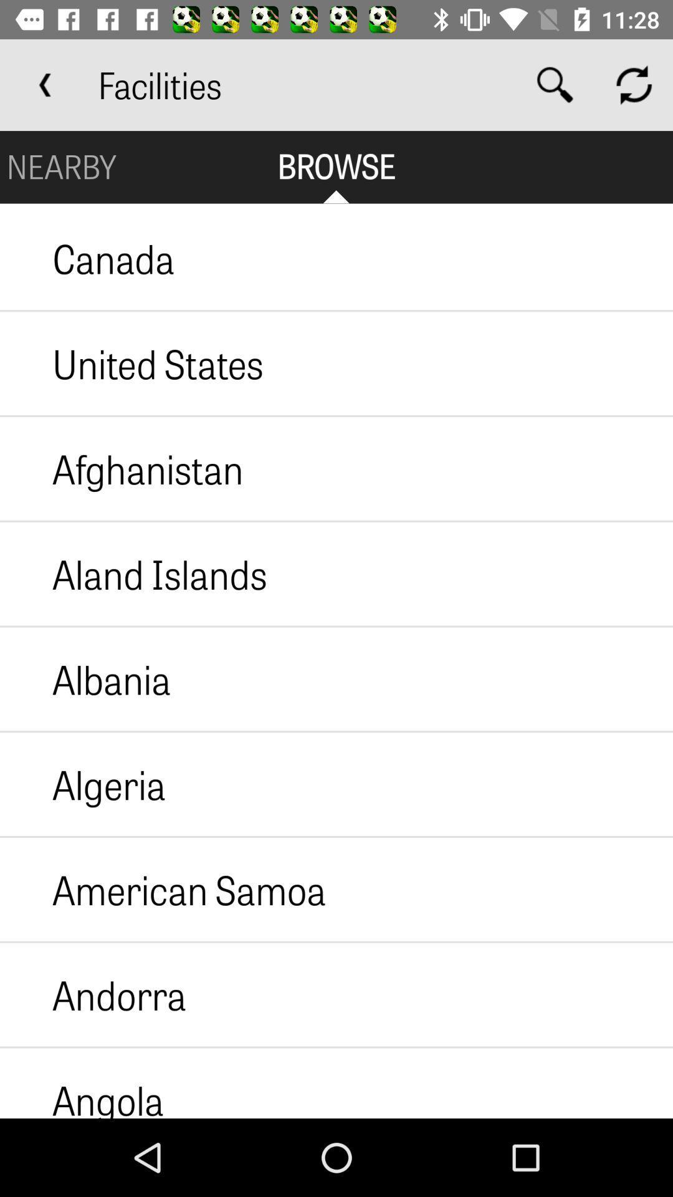 Image resolution: width=673 pixels, height=1197 pixels. Describe the element at coordinates (162, 888) in the screenshot. I see `american samoa item` at that location.